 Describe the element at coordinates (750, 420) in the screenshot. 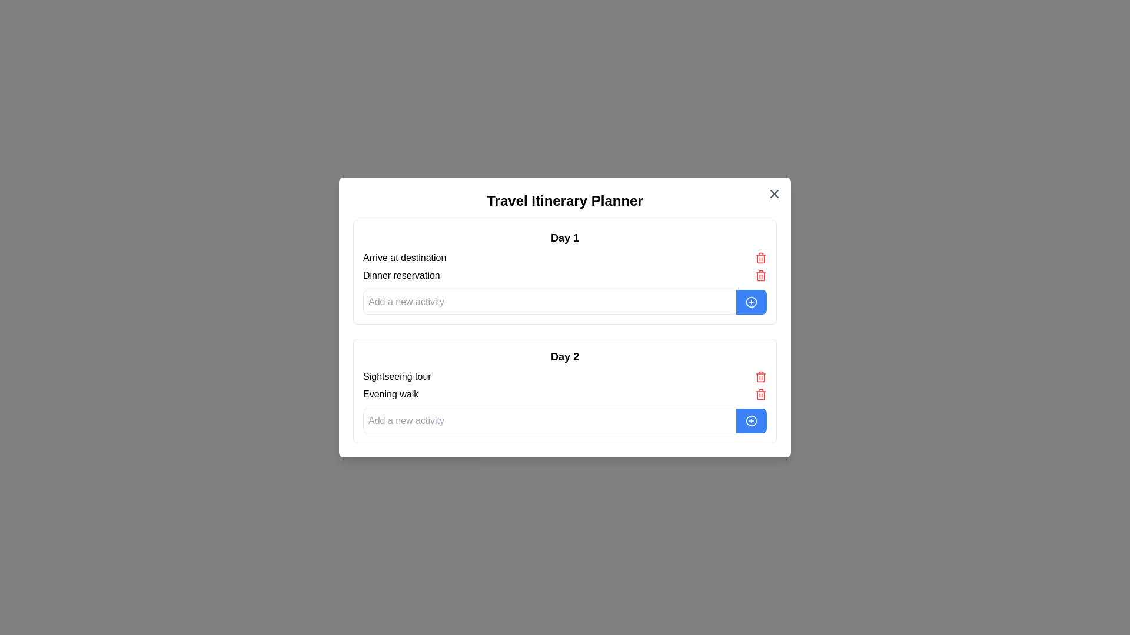

I see `the button located at the right end of the input field for adding activities to Day 2 in the Travel Itinerary Planner interface` at that location.